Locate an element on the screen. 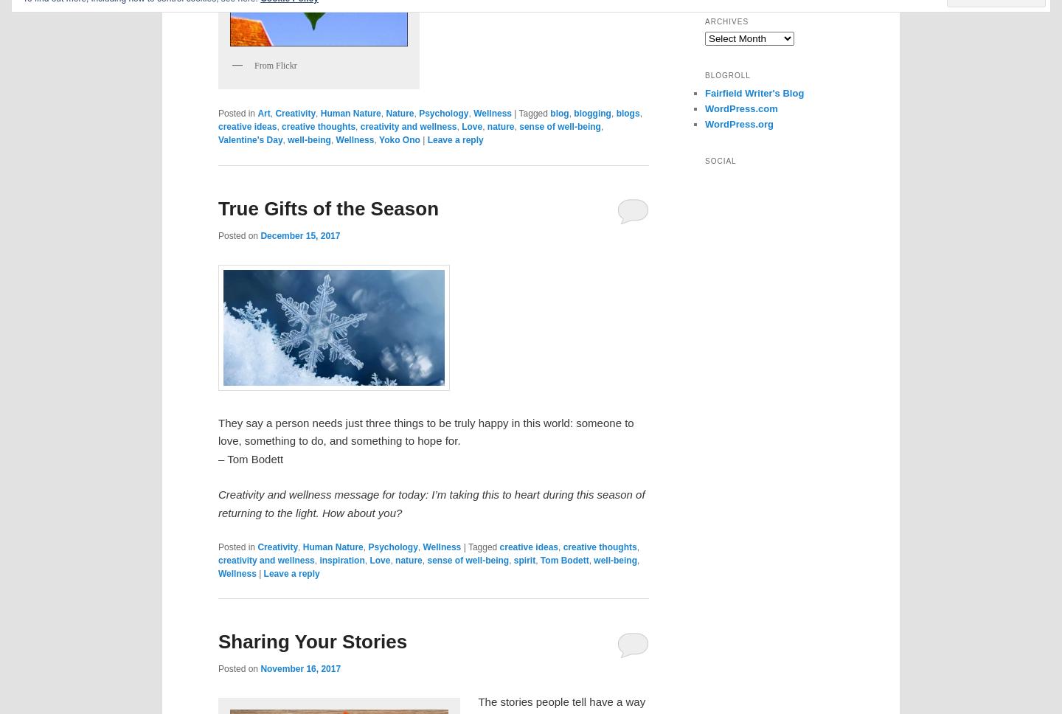 Image resolution: width=1062 pixels, height=714 pixels. 'blogging' is located at coordinates (591, 113).